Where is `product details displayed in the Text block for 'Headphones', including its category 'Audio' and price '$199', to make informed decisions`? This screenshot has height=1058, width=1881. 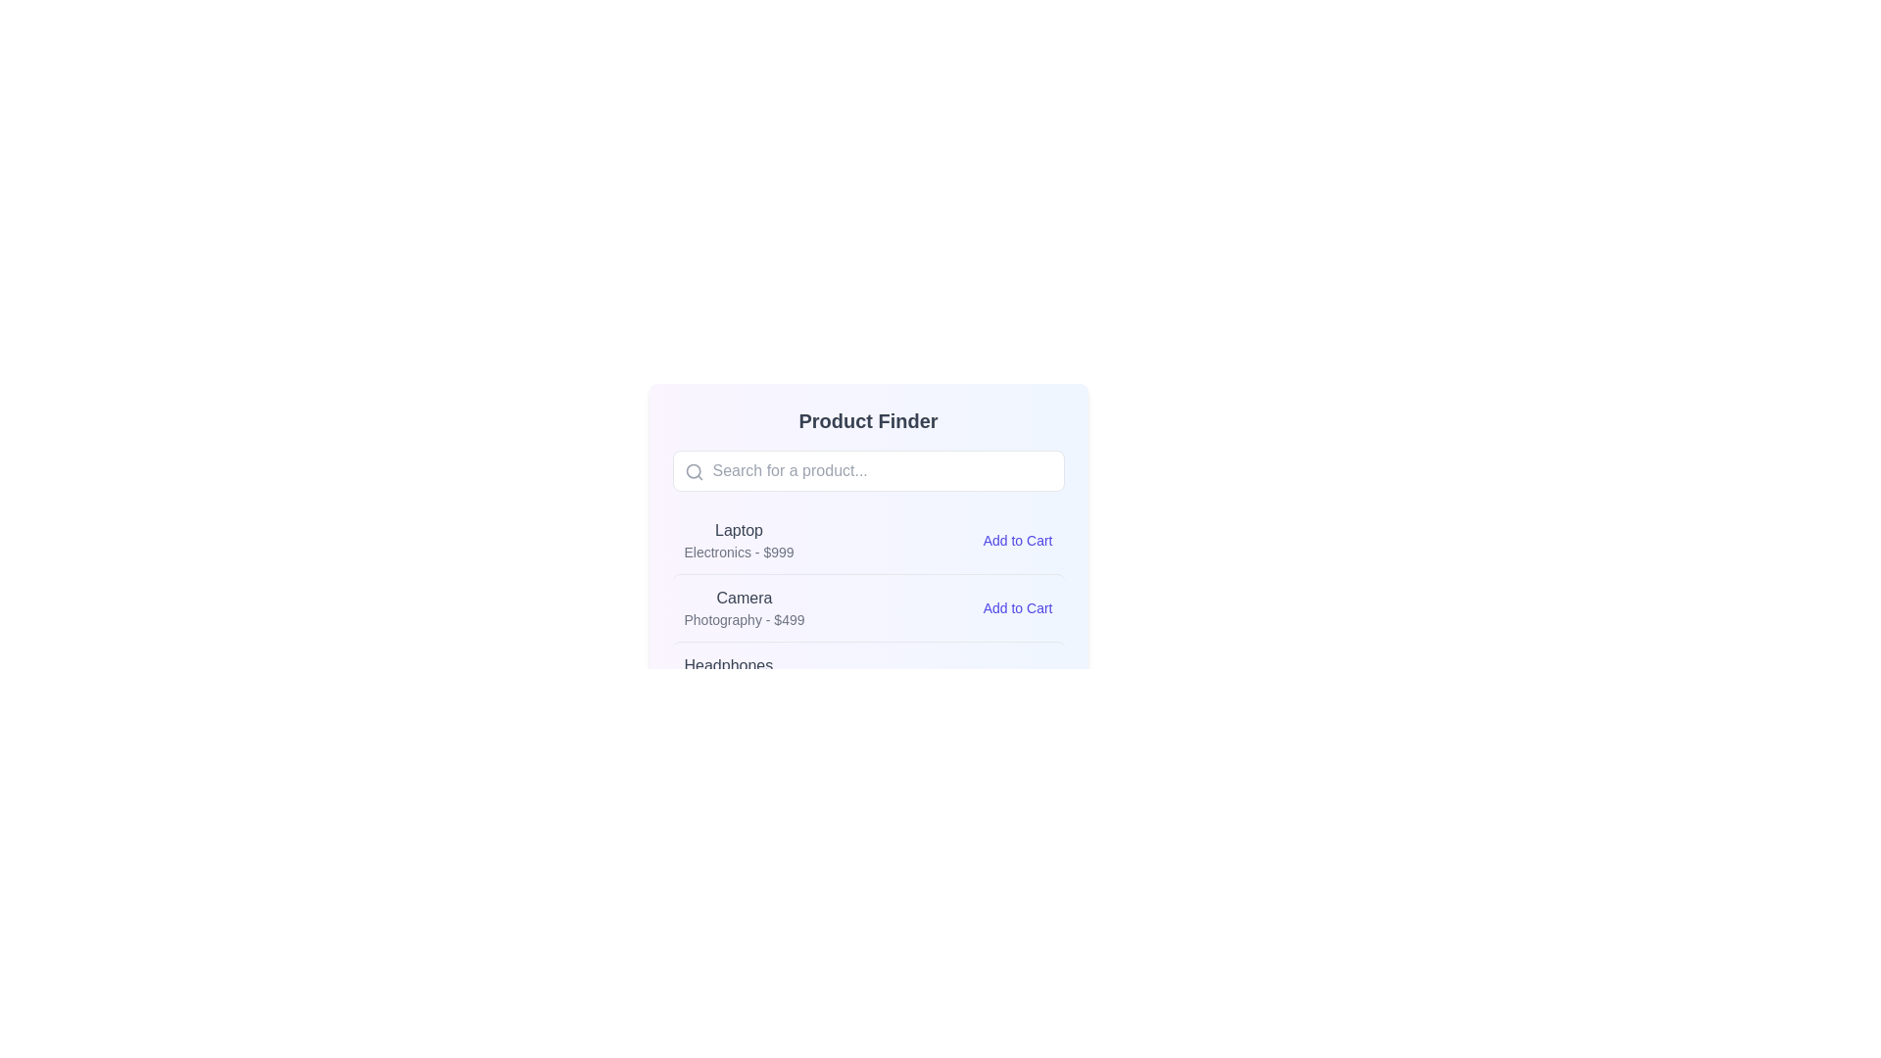
product details displayed in the Text block for 'Headphones', including its category 'Audio' and price '$199', to make informed decisions is located at coordinates (727, 675).